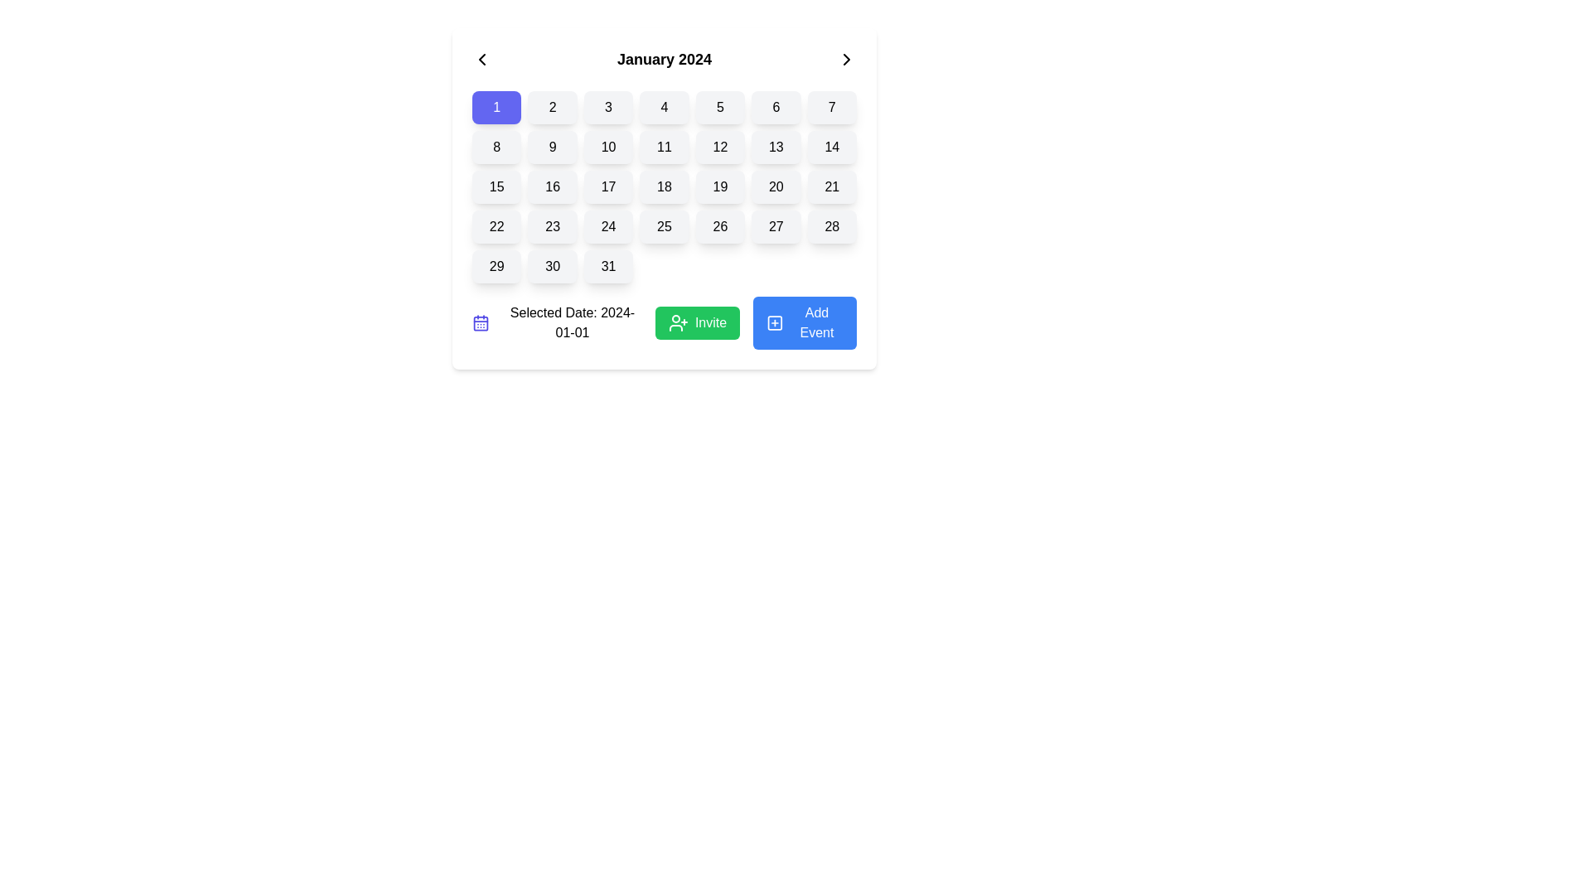  What do you see at coordinates (553, 108) in the screenshot?
I see `the button representing the second day in the calendar grid` at bounding box center [553, 108].